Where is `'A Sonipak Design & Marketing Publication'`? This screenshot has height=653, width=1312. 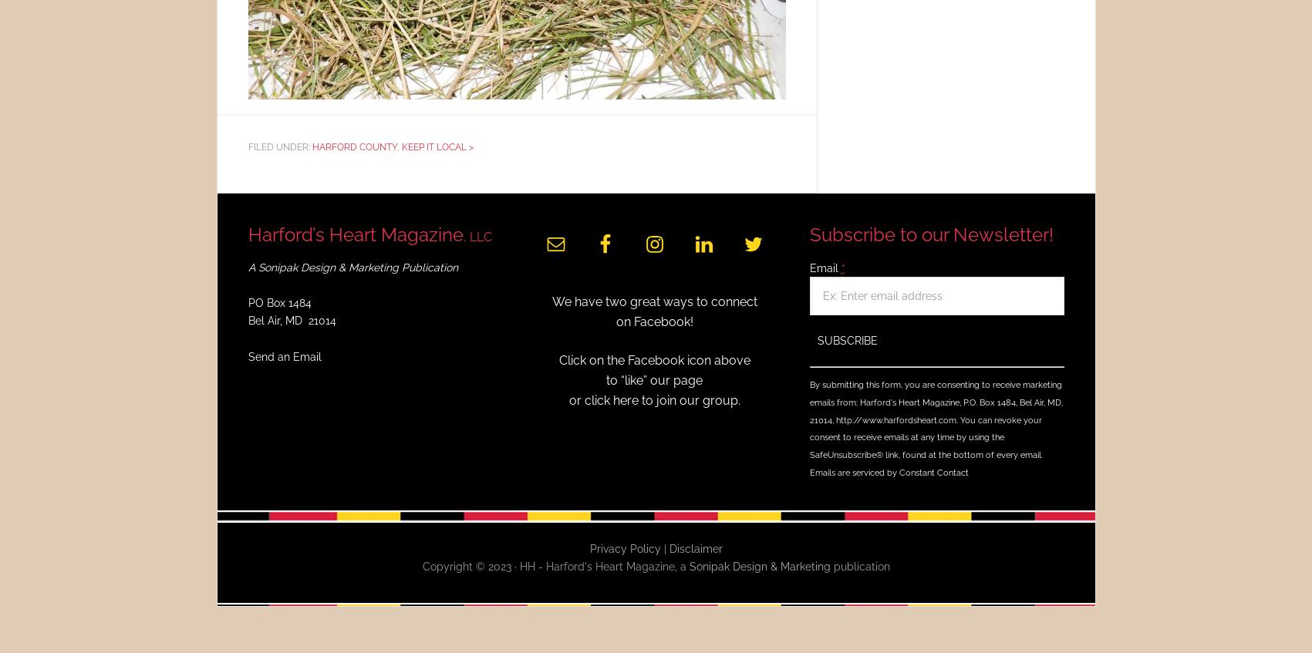
'A Sonipak Design & Marketing Publication' is located at coordinates (352, 266).